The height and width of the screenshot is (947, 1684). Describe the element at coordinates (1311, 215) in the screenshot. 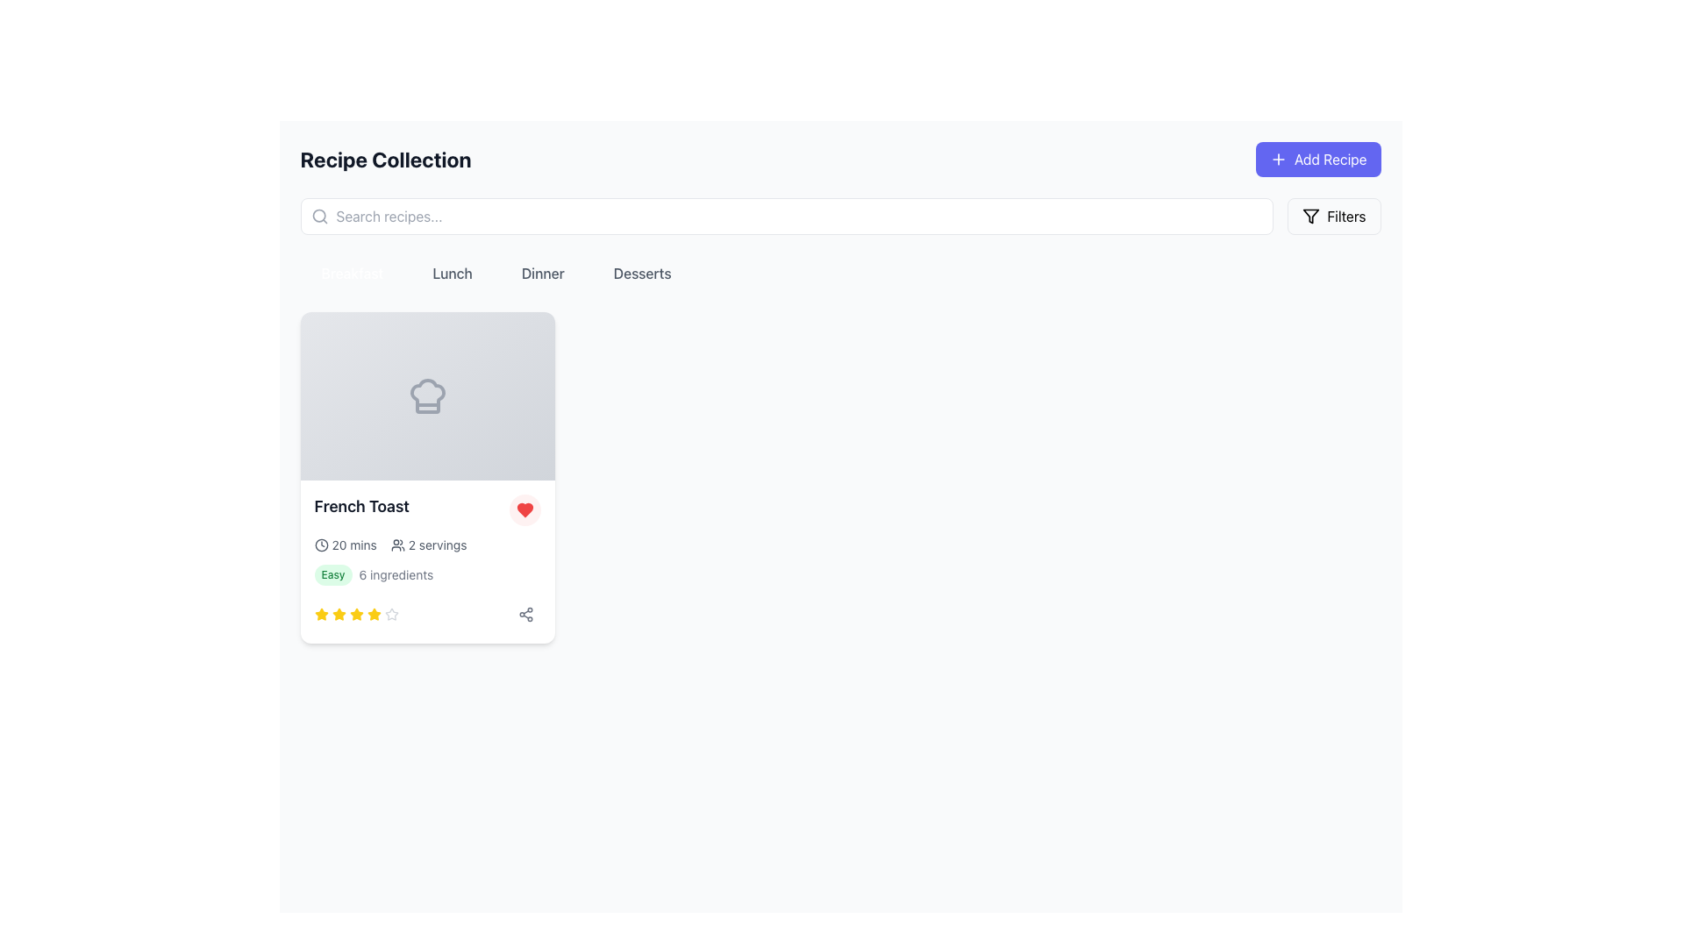

I see `the filter icon located at the center of the 'Filters' button in the top-right corner of the interface` at that location.